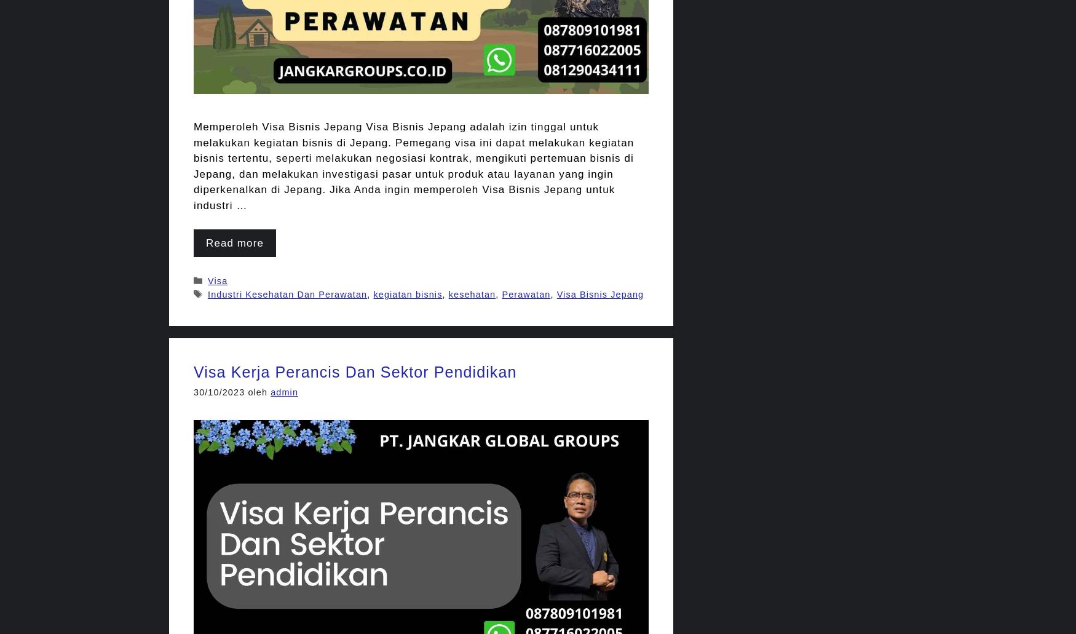 Image resolution: width=1076 pixels, height=634 pixels. Describe the element at coordinates (471, 293) in the screenshot. I see `'kesehatan'` at that location.